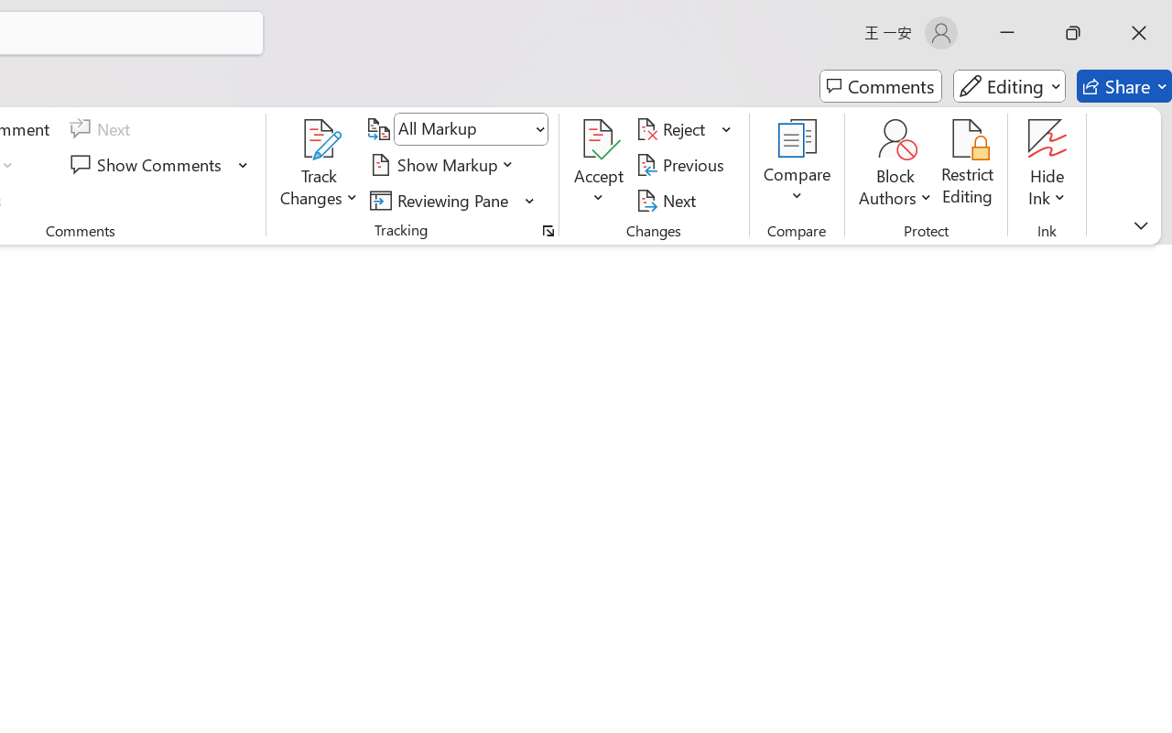 The width and height of the screenshot is (1172, 733). What do you see at coordinates (673, 129) in the screenshot?
I see `'Reject and Move to Next'` at bounding box center [673, 129].